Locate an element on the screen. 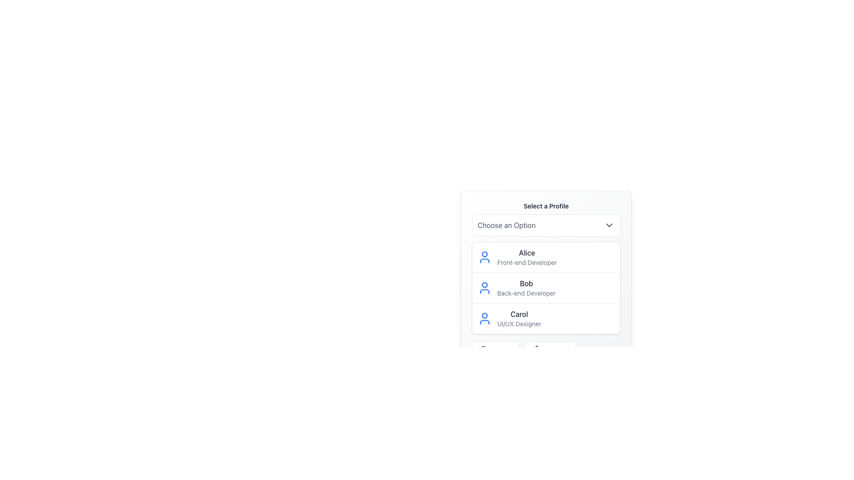 Image resolution: width=854 pixels, height=480 pixels. the first button in the horizontal group located at the bottom of the profile selection interface is located at coordinates (495, 349).